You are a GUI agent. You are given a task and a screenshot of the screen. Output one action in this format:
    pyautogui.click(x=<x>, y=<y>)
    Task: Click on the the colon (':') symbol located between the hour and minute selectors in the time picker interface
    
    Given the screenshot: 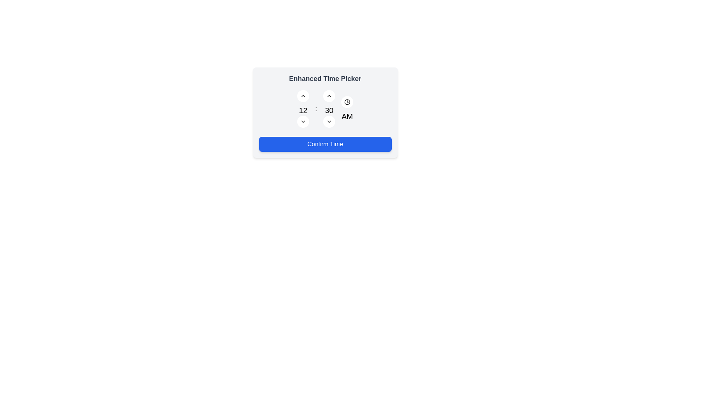 What is the action you would take?
    pyautogui.click(x=316, y=109)
    